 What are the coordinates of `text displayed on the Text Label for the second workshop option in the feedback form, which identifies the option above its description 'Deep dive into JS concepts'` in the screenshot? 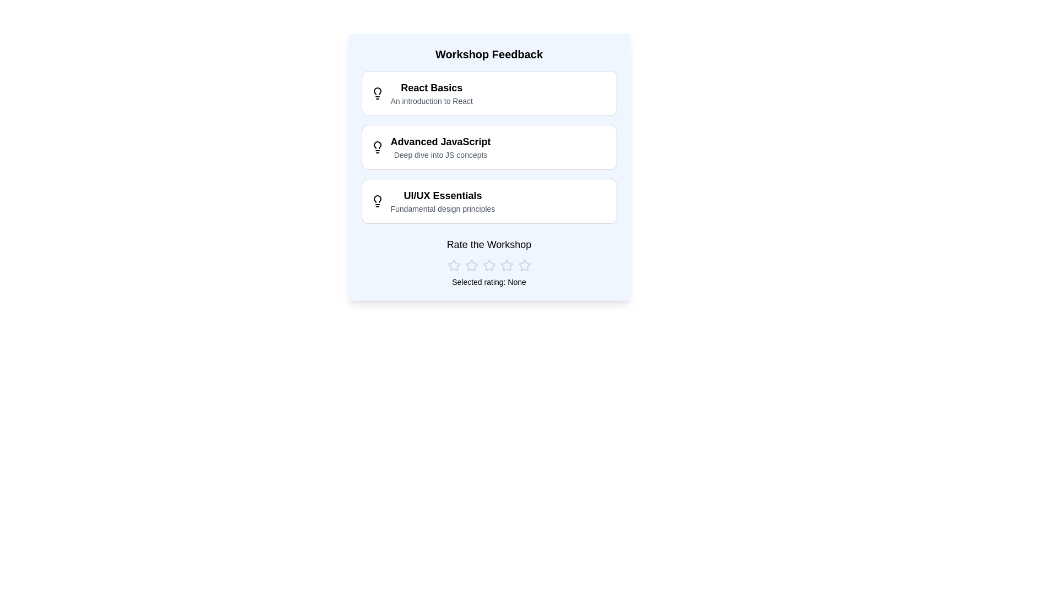 It's located at (440, 141).